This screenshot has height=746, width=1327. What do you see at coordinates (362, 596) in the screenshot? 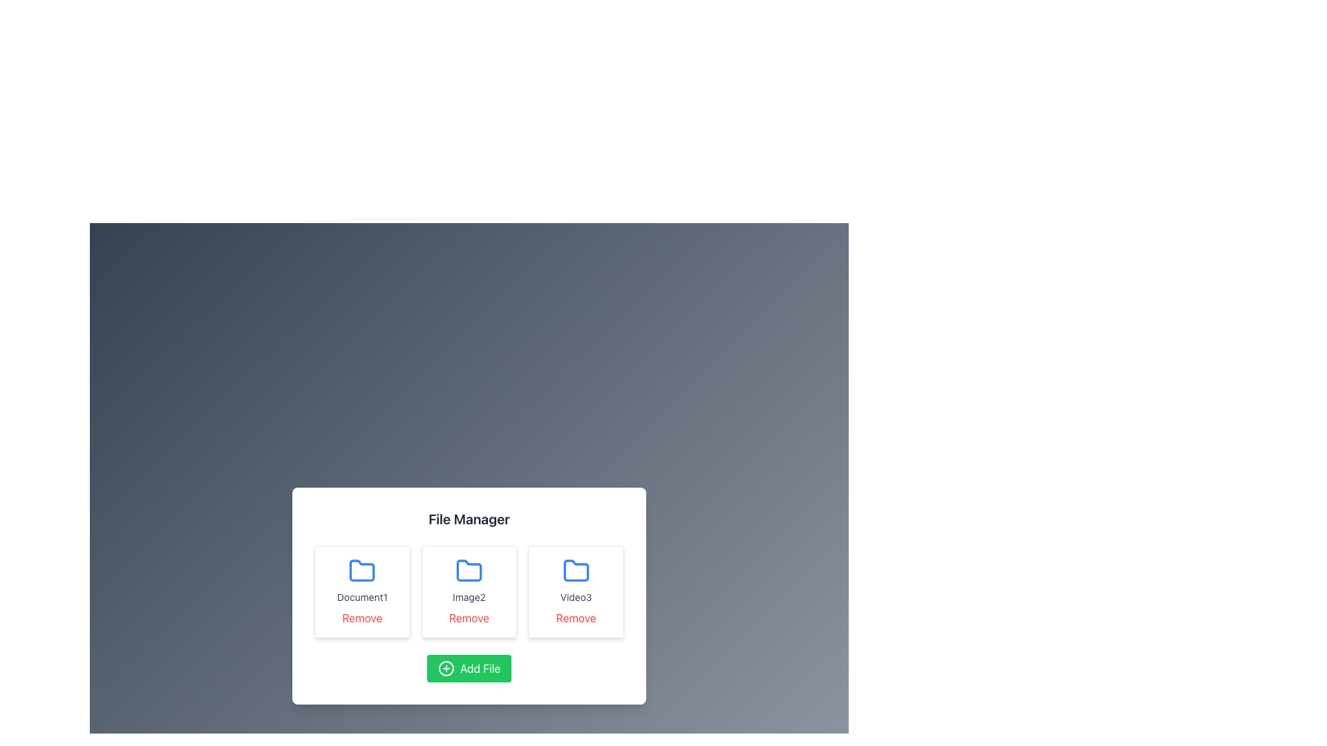
I see `the label that indicates the name of the associated file or folder, located in the top row, first column of the grid layout within the file manager interface` at bounding box center [362, 596].